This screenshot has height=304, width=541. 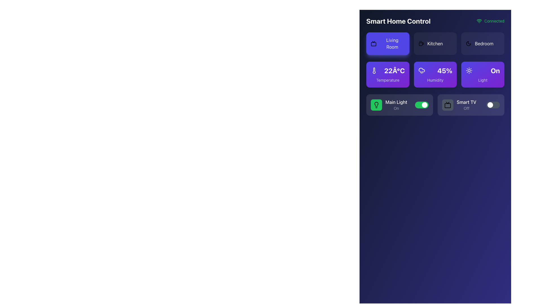 What do you see at coordinates (459, 105) in the screenshot?
I see `the Text and icon display that features a TV icon on the left and the label 'Smart TV' with the status 'Off' on the right, located in the bottom row of the grid layout` at bounding box center [459, 105].